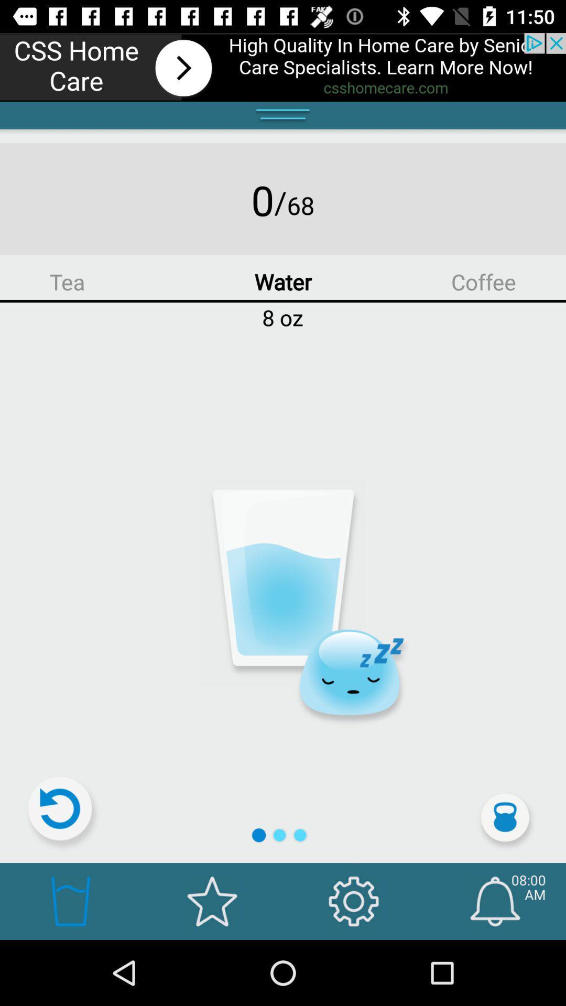 The height and width of the screenshot is (1006, 566). I want to click on refresh screen, so click(64, 813).